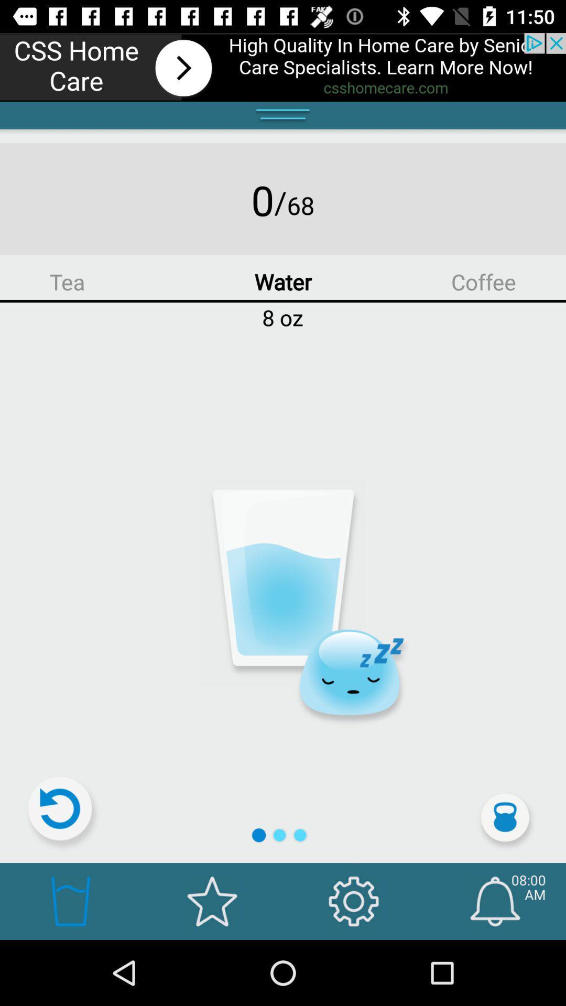 The height and width of the screenshot is (1006, 566). I want to click on refresh screen, so click(64, 813).